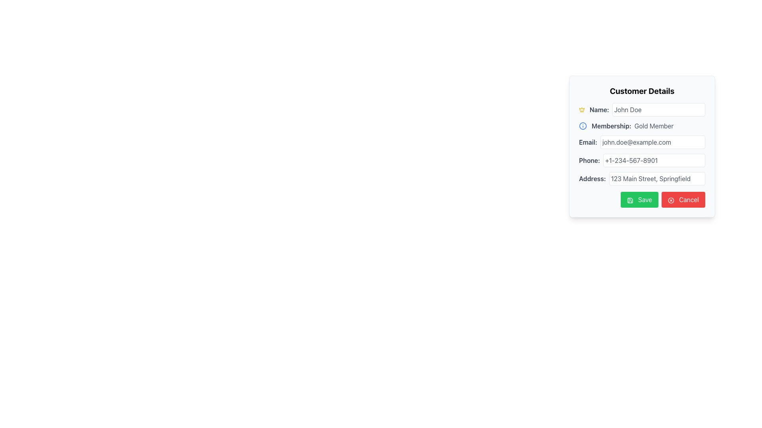  What do you see at coordinates (629, 200) in the screenshot?
I see `the save icon located at the bottom left of the form overlay` at bounding box center [629, 200].